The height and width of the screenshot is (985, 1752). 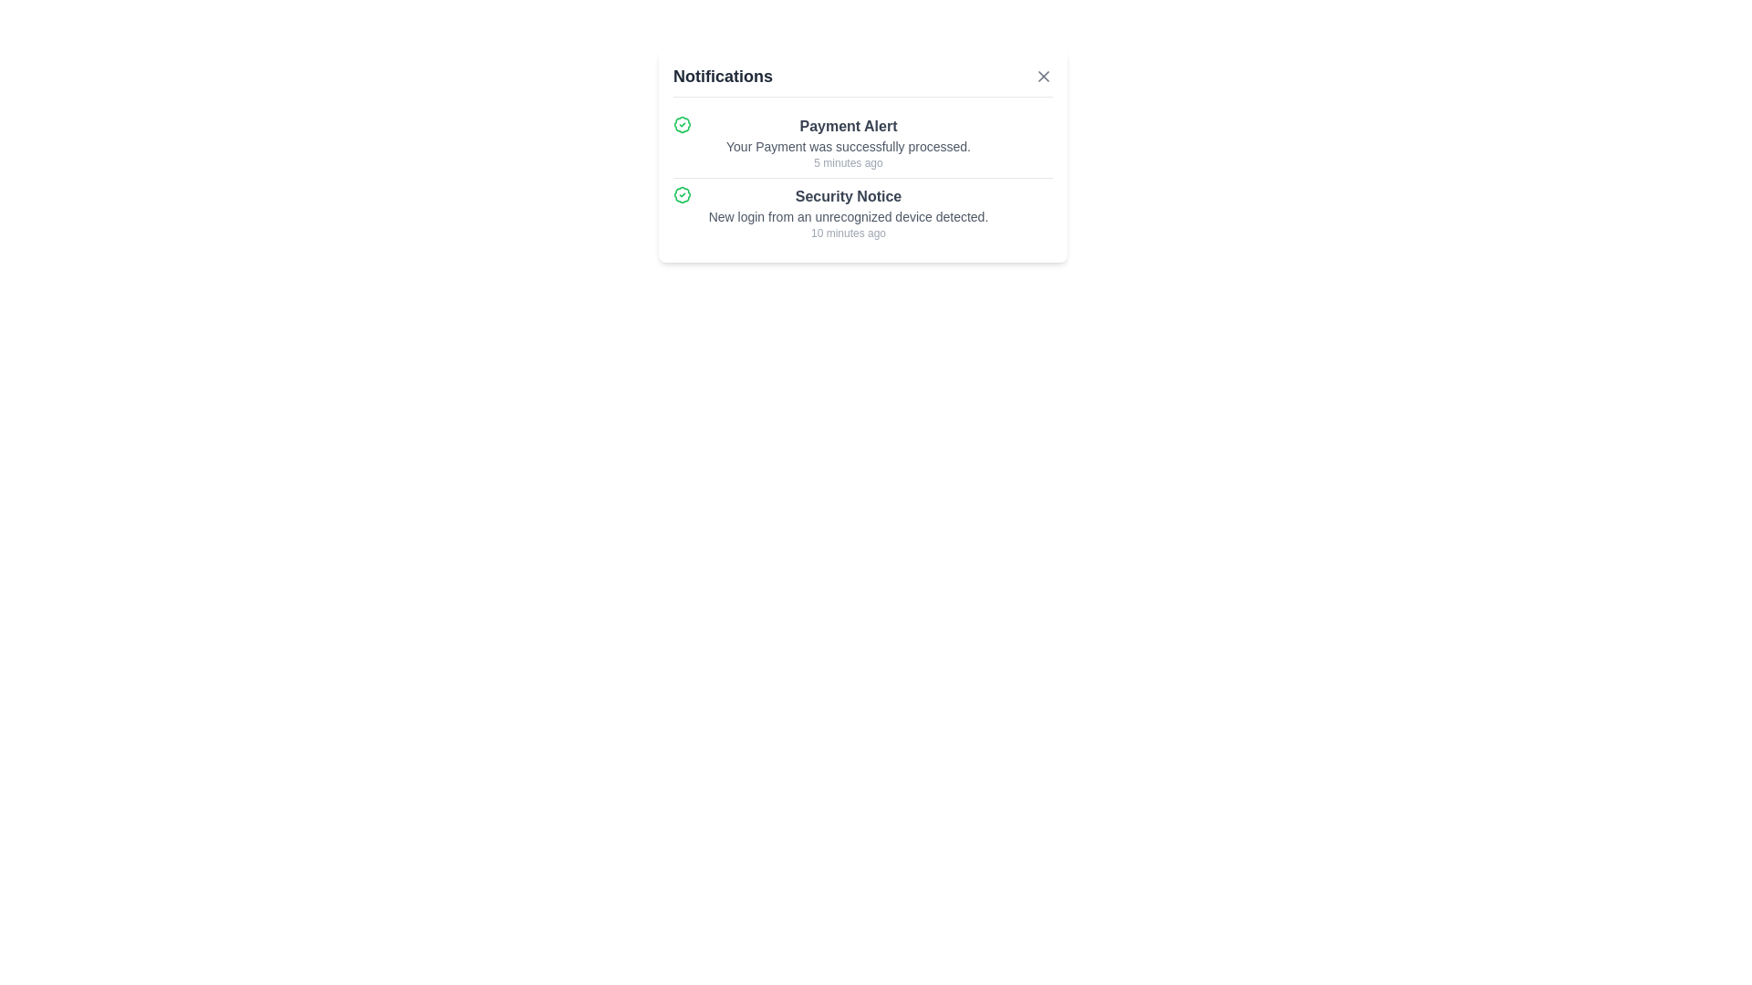 What do you see at coordinates (1043, 76) in the screenshot?
I see `the graphical representation of the 'X' icon located in the top-right corner of the Notifications panel, which is used to close or dismiss the panel` at bounding box center [1043, 76].